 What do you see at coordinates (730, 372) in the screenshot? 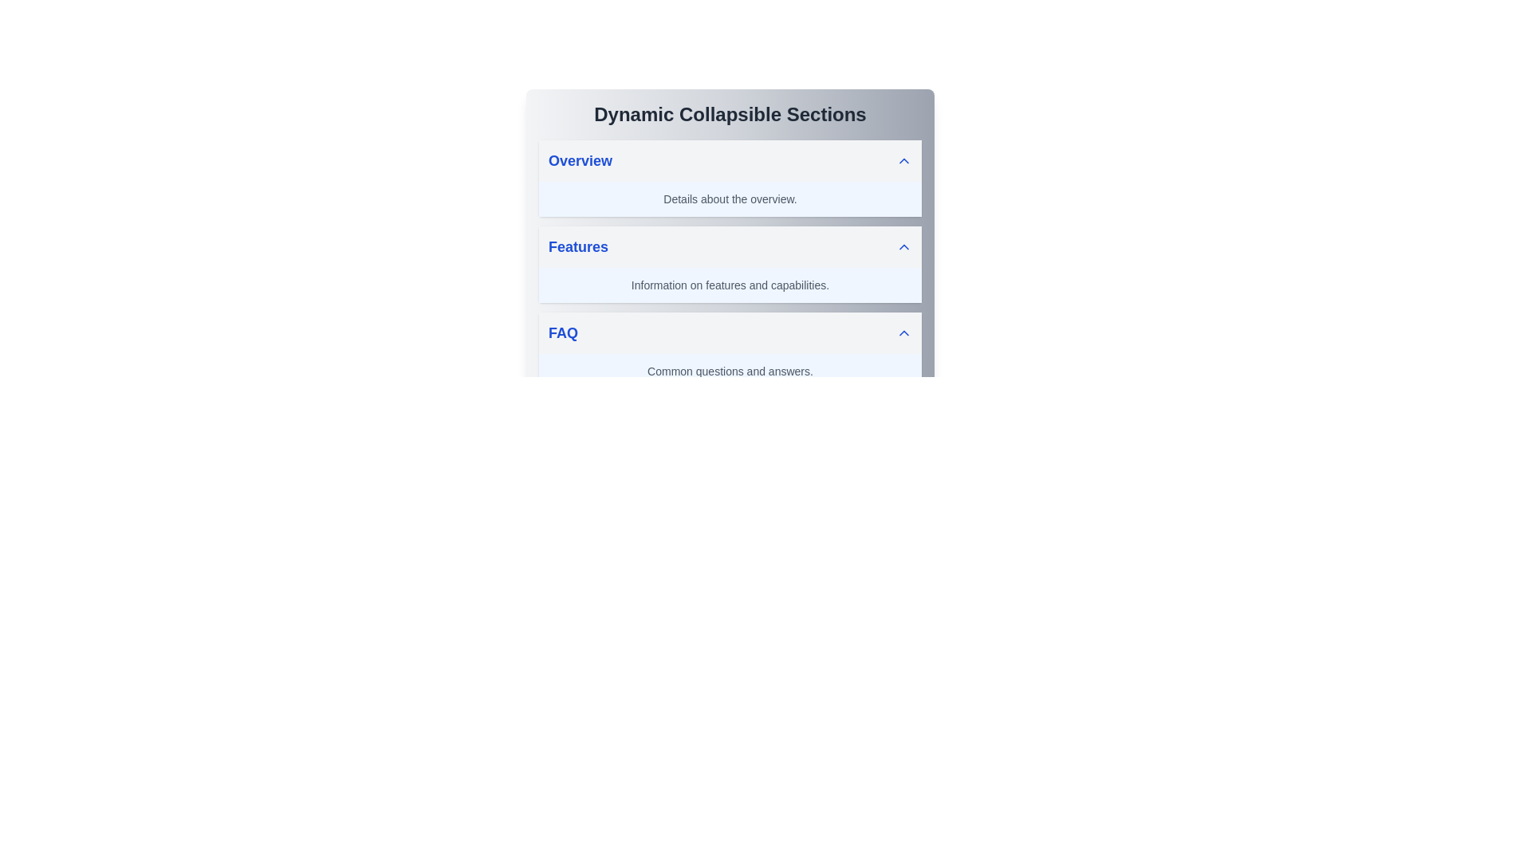
I see `the Text block that provides additional information in the FAQ section, located below the 'FAQ' header` at bounding box center [730, 372].